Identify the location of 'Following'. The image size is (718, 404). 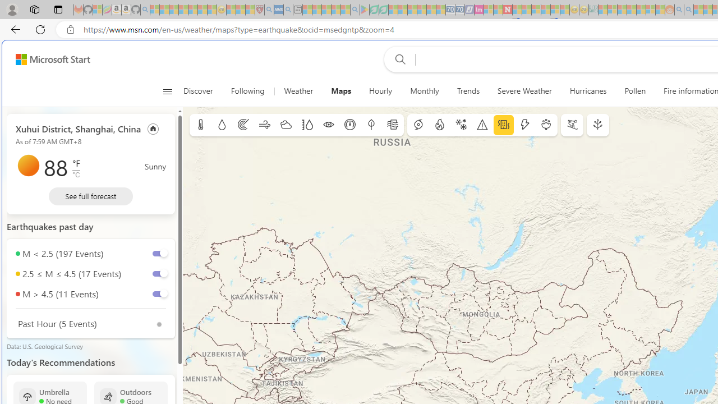
(248, 91).